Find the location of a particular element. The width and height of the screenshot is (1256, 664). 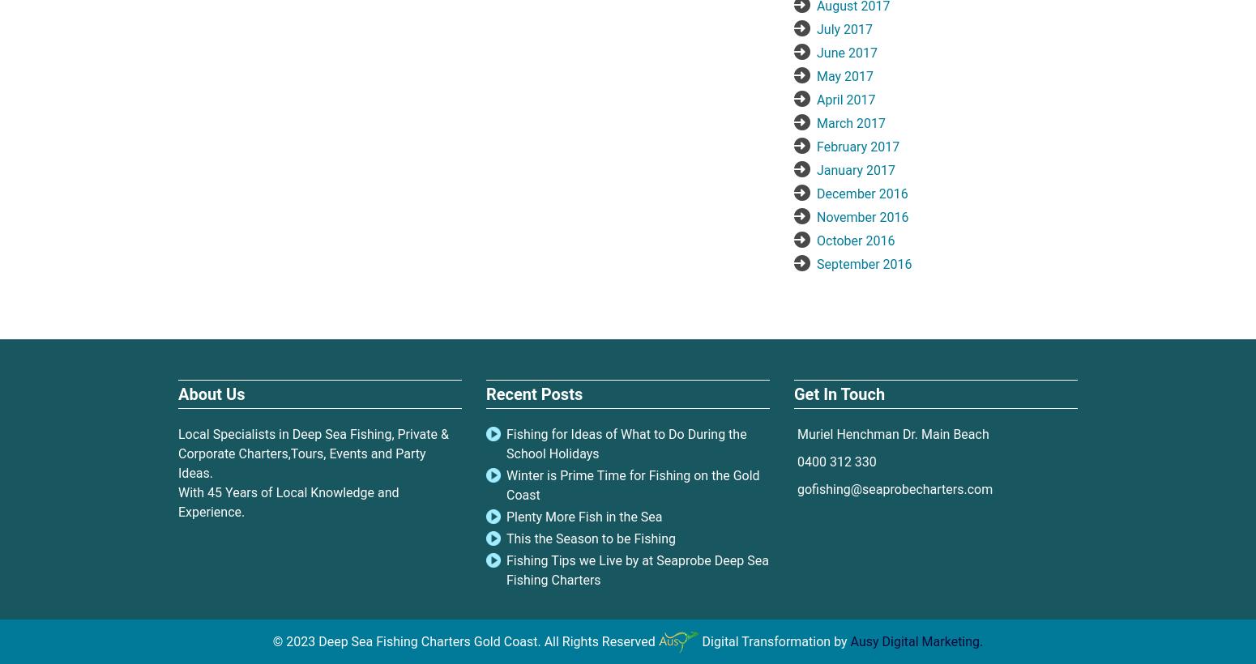

'Winter is Prime Time for Fishing on the Gold Coast' is located at coordinates (632, 484).